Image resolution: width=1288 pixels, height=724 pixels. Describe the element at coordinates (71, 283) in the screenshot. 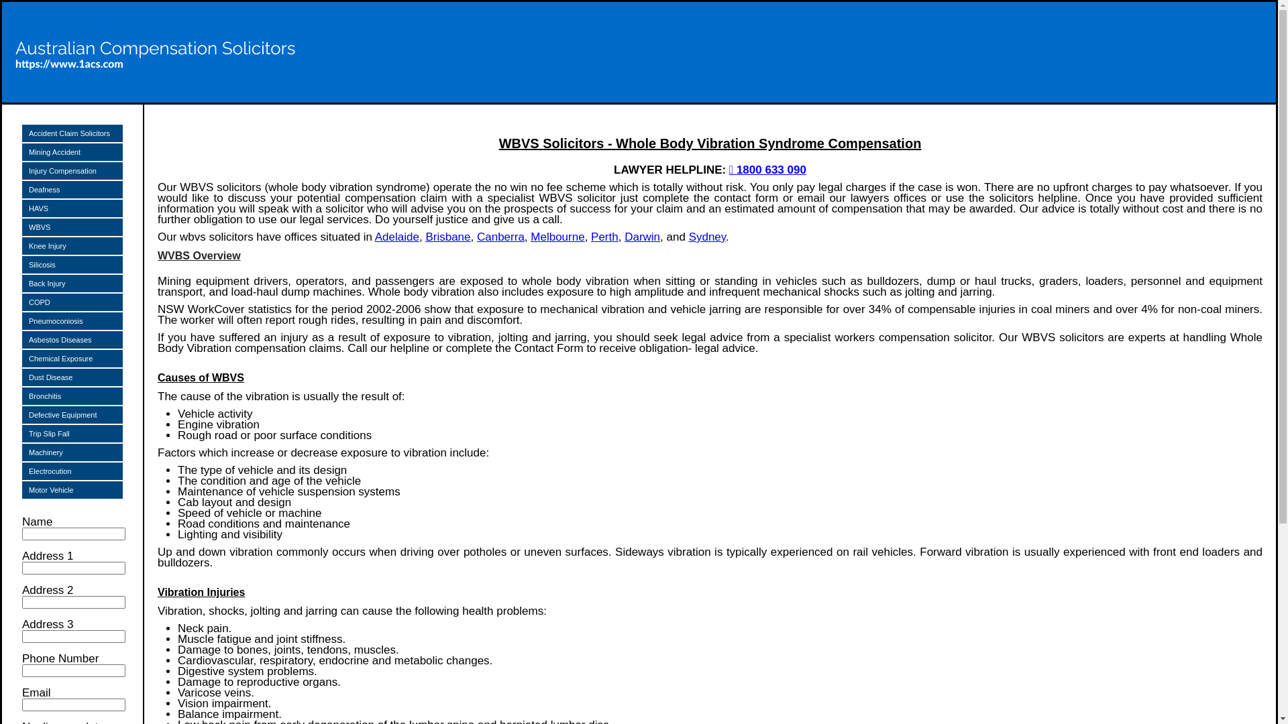

I see `'Back Injury'` at that location.